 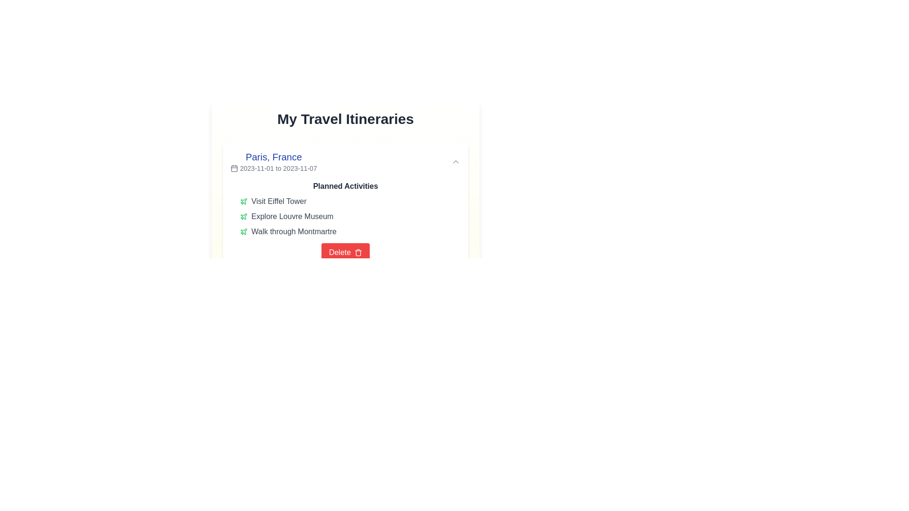 What do you see at coordinates (345, 186) in the screenshot?
I see `the text label 'Planned Activities' which serves as a section header in dark gray color and bold font` at bounding box center [345, 186].